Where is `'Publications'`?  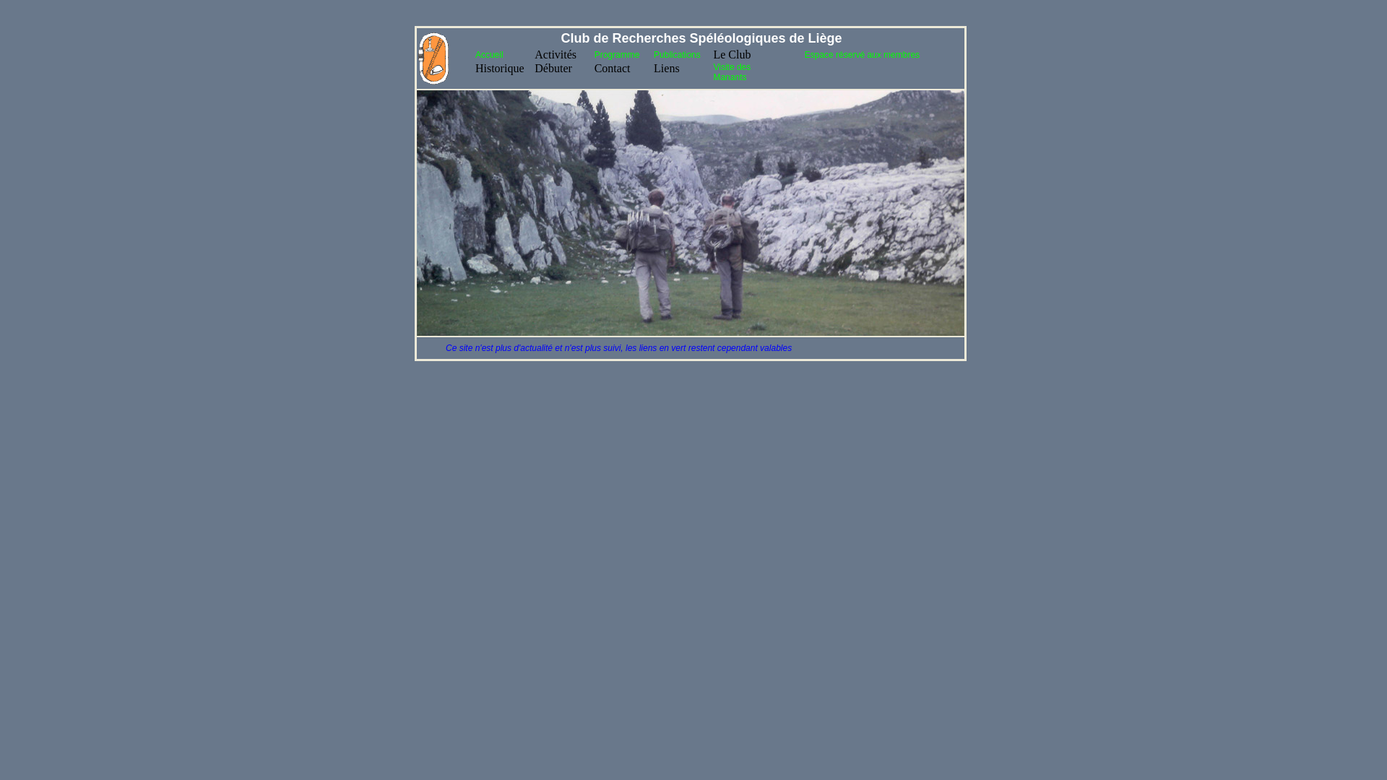 'Publications' is located at coordinates (676, 54).